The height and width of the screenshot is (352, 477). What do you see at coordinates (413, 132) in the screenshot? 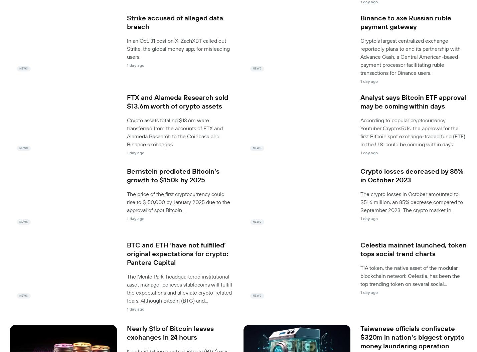
I see `'According to popular cryptocurrency Youtuber CryptosRUs, the approval for the first Bitcoin spot exchange-traded fund (ETF) in the U.S. could be coming within days.'` at bounding box center [413, 132].